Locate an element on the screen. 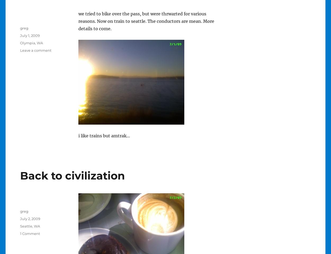  '1 Comment' is located at coordinates (29, 233).